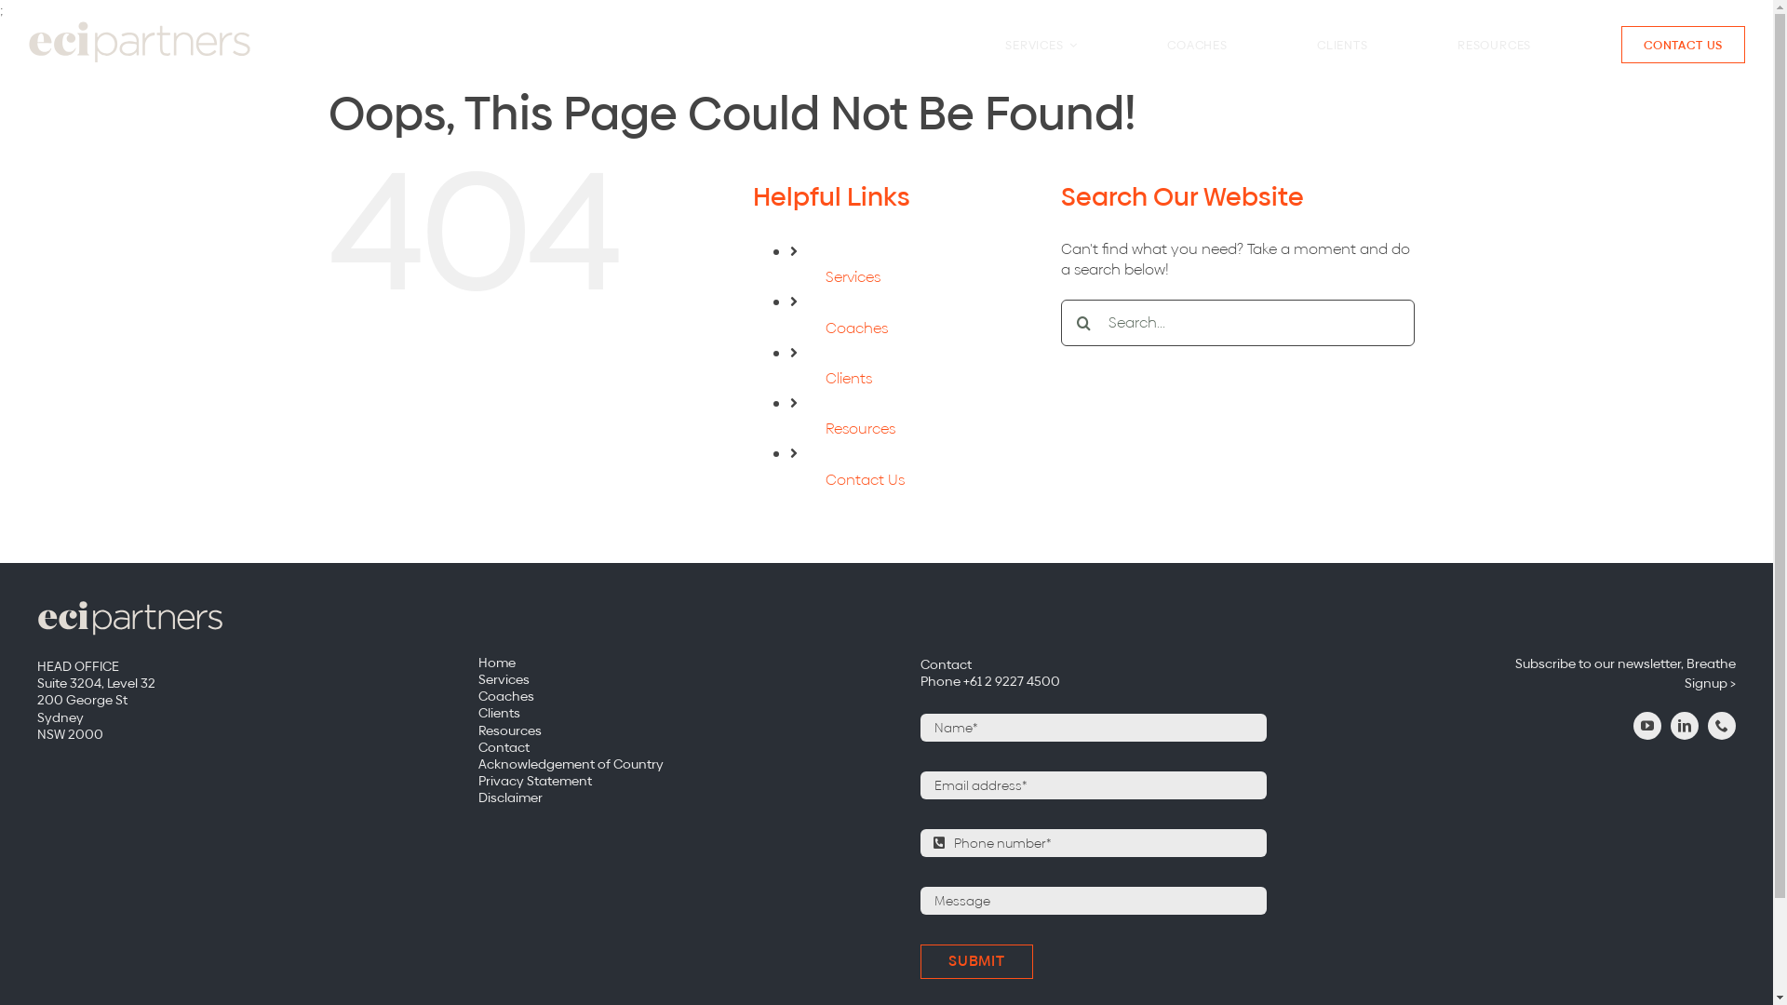 This screenshot has height=1005, width=1787. Describe the element at coordinates (864, 478) in the screenshot. I see `'Contact Us'` at that location.